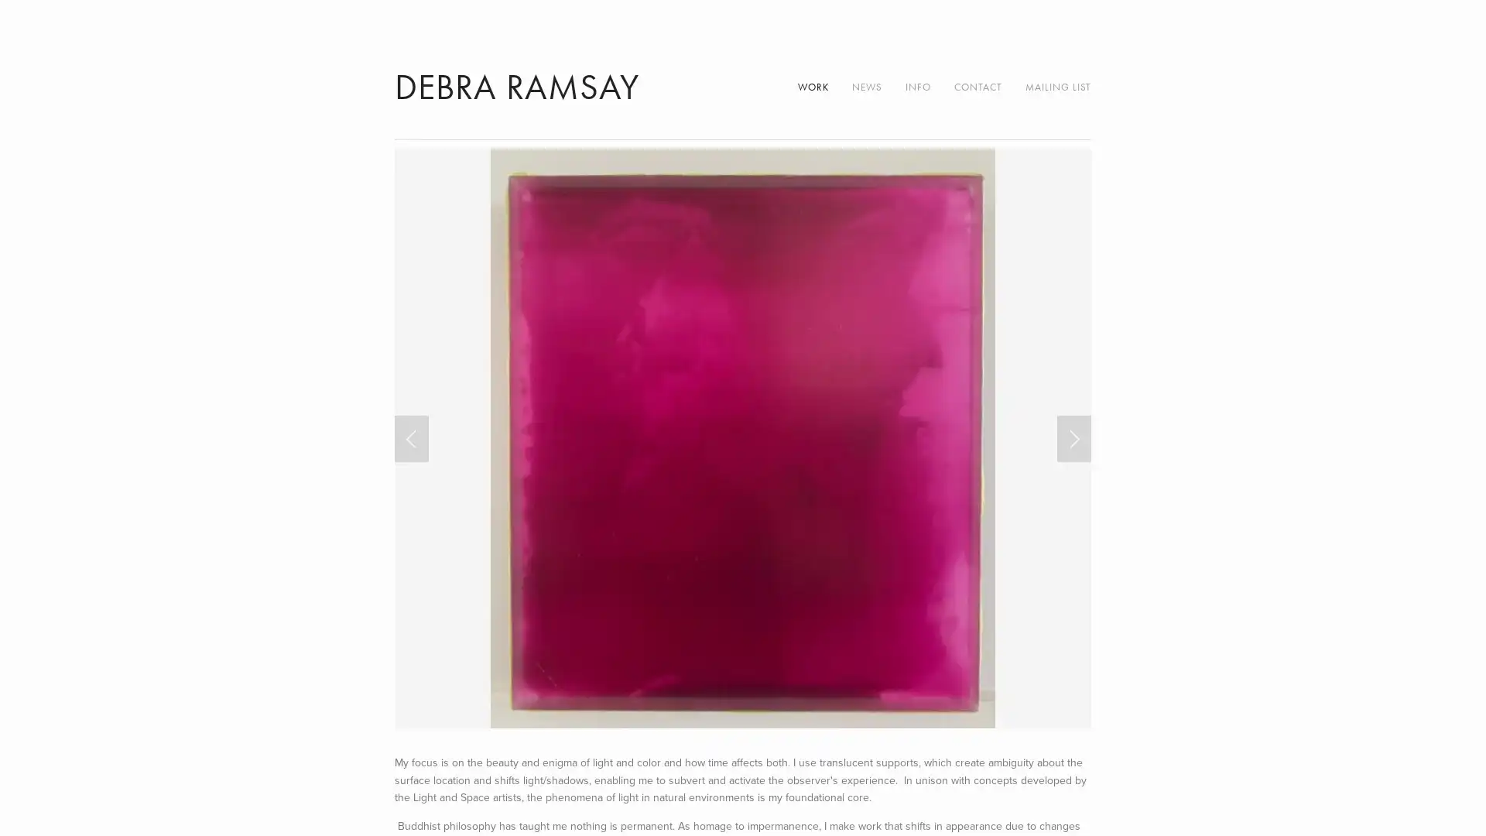 This screenshot has height=836, width=1486. What do you see at coordinates (1073, 438) in the screenshot?
I see `Next Slide` at bounding box center [1073, 438].